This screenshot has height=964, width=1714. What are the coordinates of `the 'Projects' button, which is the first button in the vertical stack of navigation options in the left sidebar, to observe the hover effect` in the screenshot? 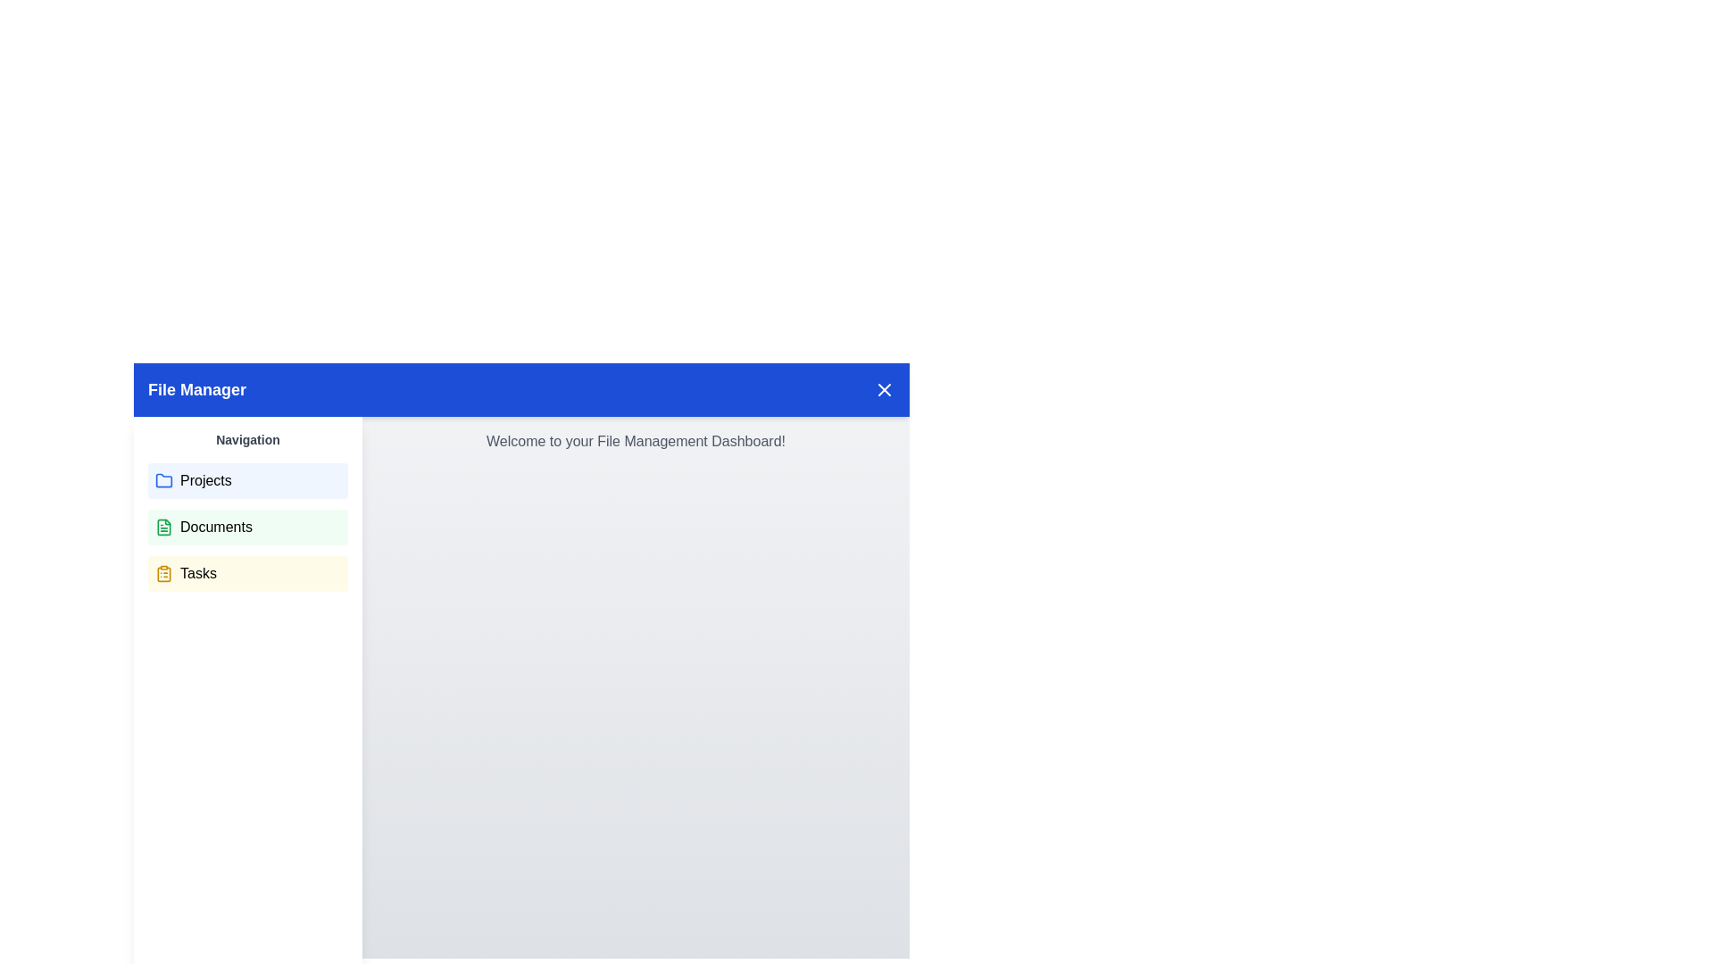 It's located at (247, 480).